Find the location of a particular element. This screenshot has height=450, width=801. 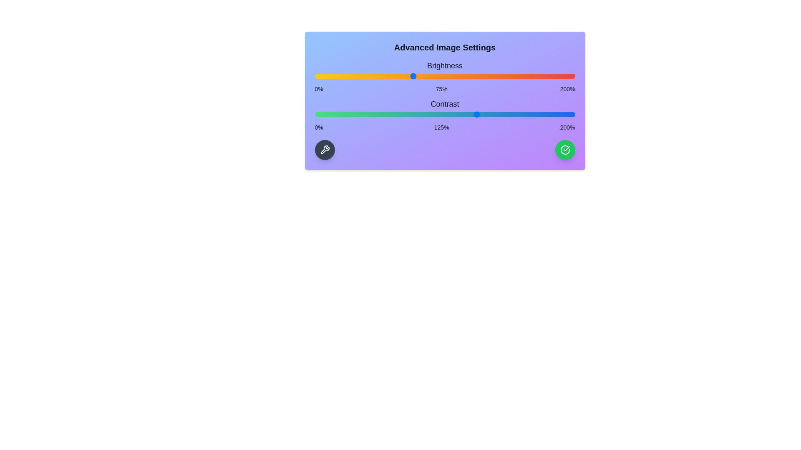

the contrast slider to 139% is located at coordinates (496, 114).